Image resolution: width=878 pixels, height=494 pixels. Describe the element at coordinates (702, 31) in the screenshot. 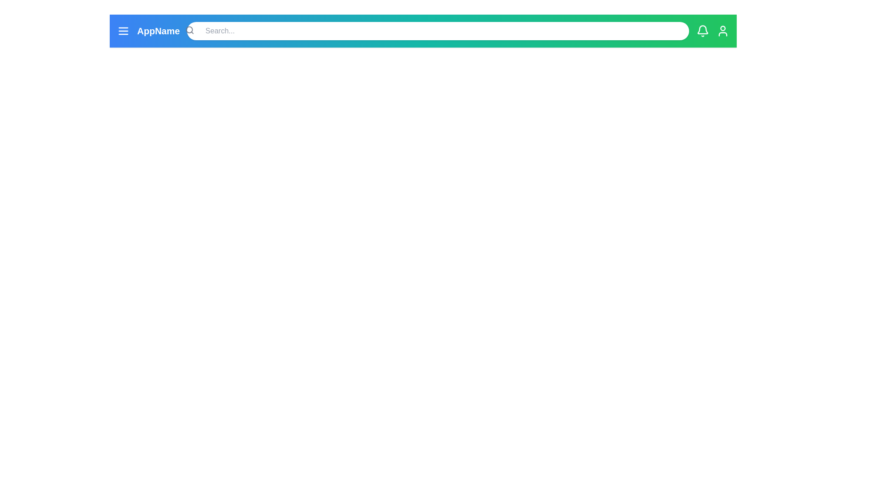

I see `the notification icon in the app bar` at that location.